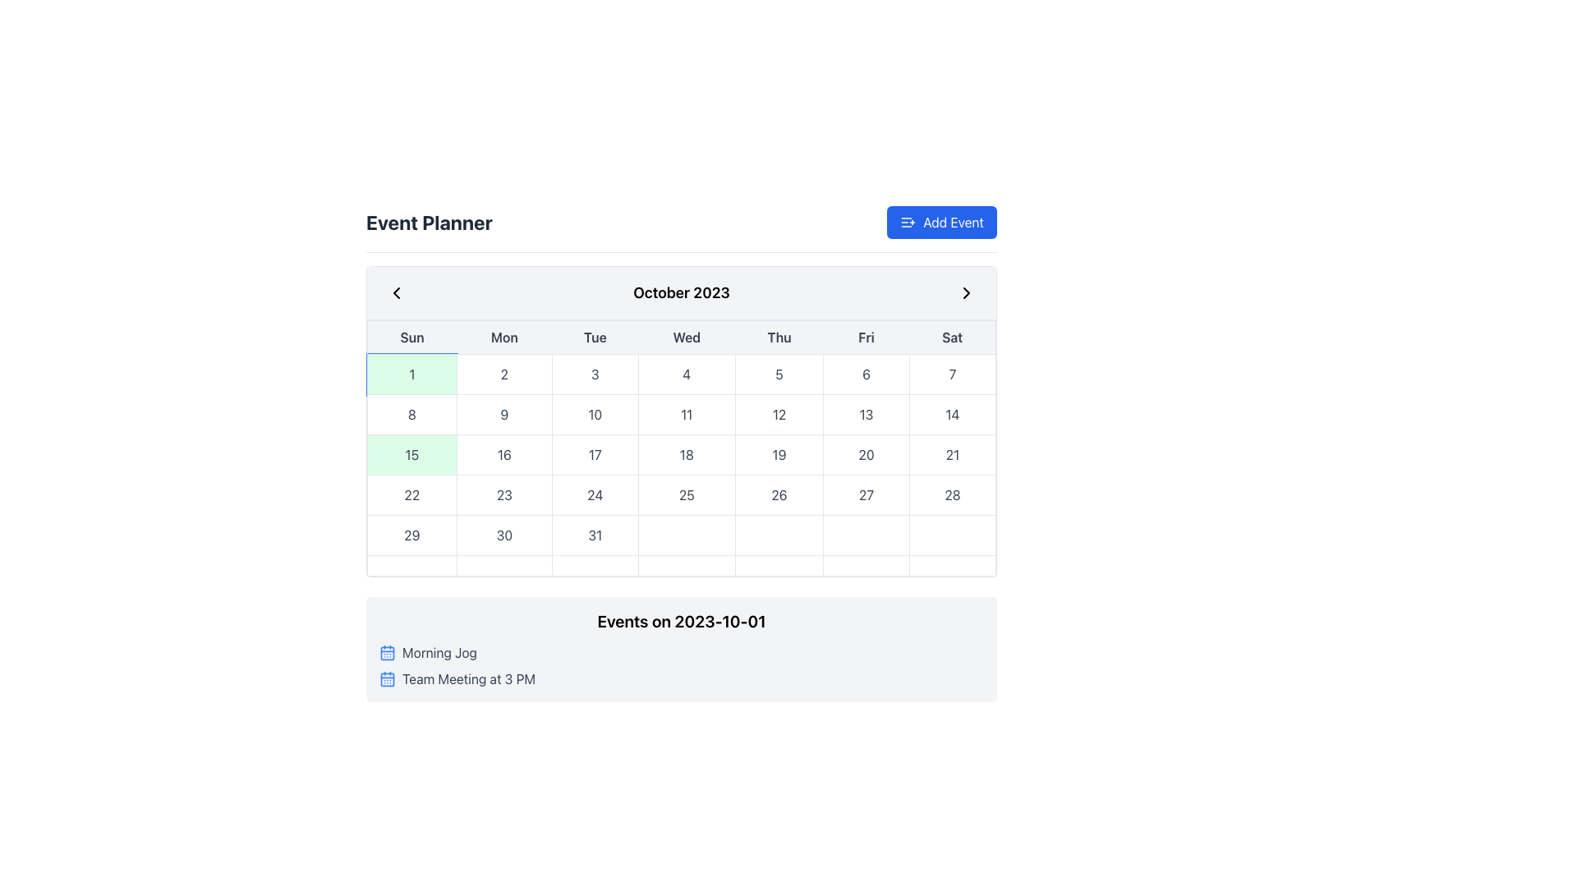 Image resolution: width=1577 pixels, height=887 pixels. I want to click on the date cell representing '24' in the calendar view, so click(594, 494).